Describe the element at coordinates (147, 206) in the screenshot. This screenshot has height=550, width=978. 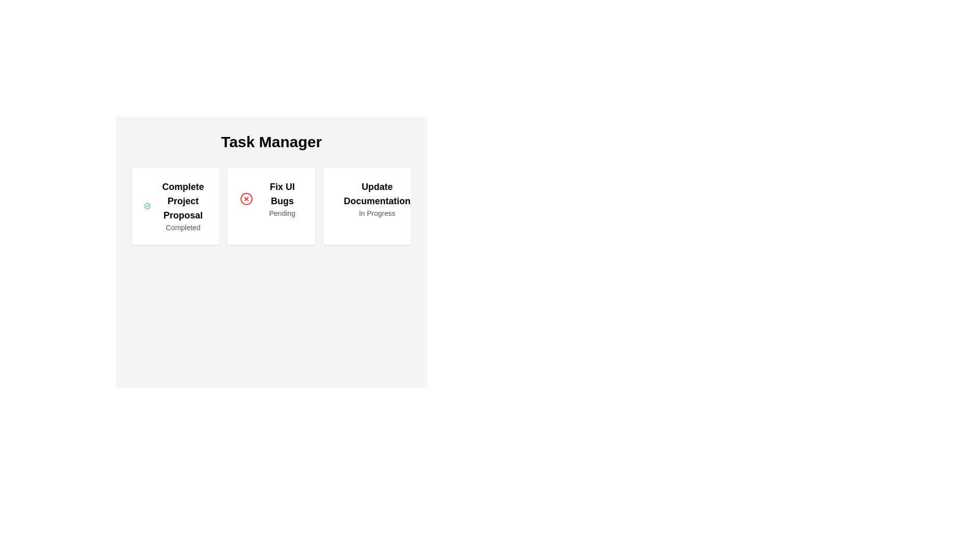
I see `the completion status icon located at the leftmost side of the 'Complete Project Proposal - Completed' block within the 'Task Manager' section` at that location.